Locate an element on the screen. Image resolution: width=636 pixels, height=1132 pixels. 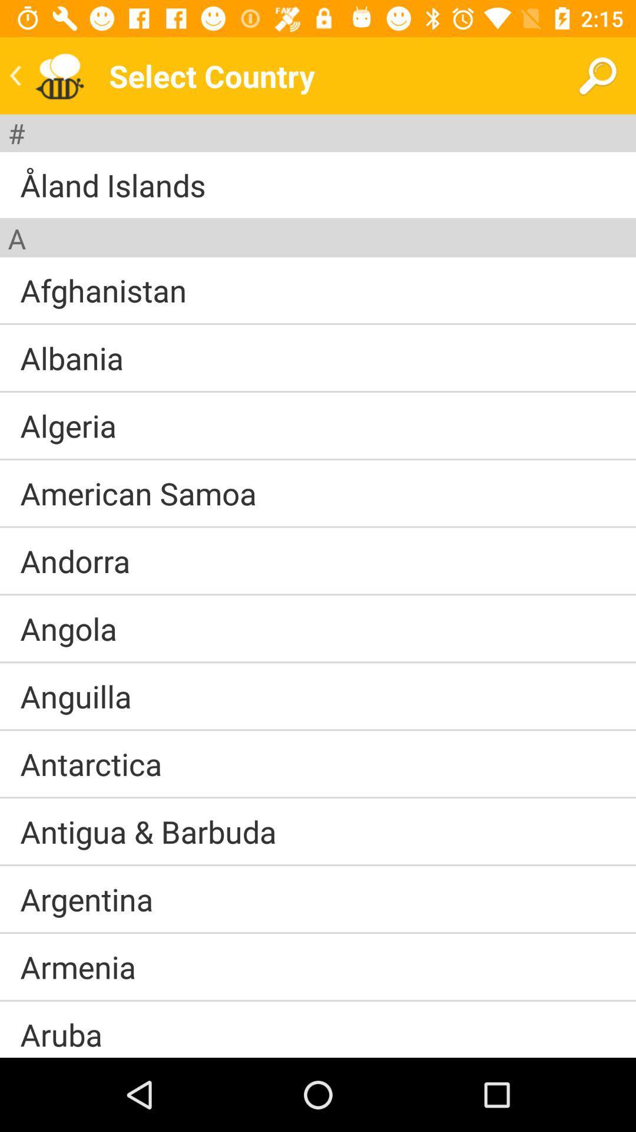
icon below the anguilla item is located at coordinates (318, 729).